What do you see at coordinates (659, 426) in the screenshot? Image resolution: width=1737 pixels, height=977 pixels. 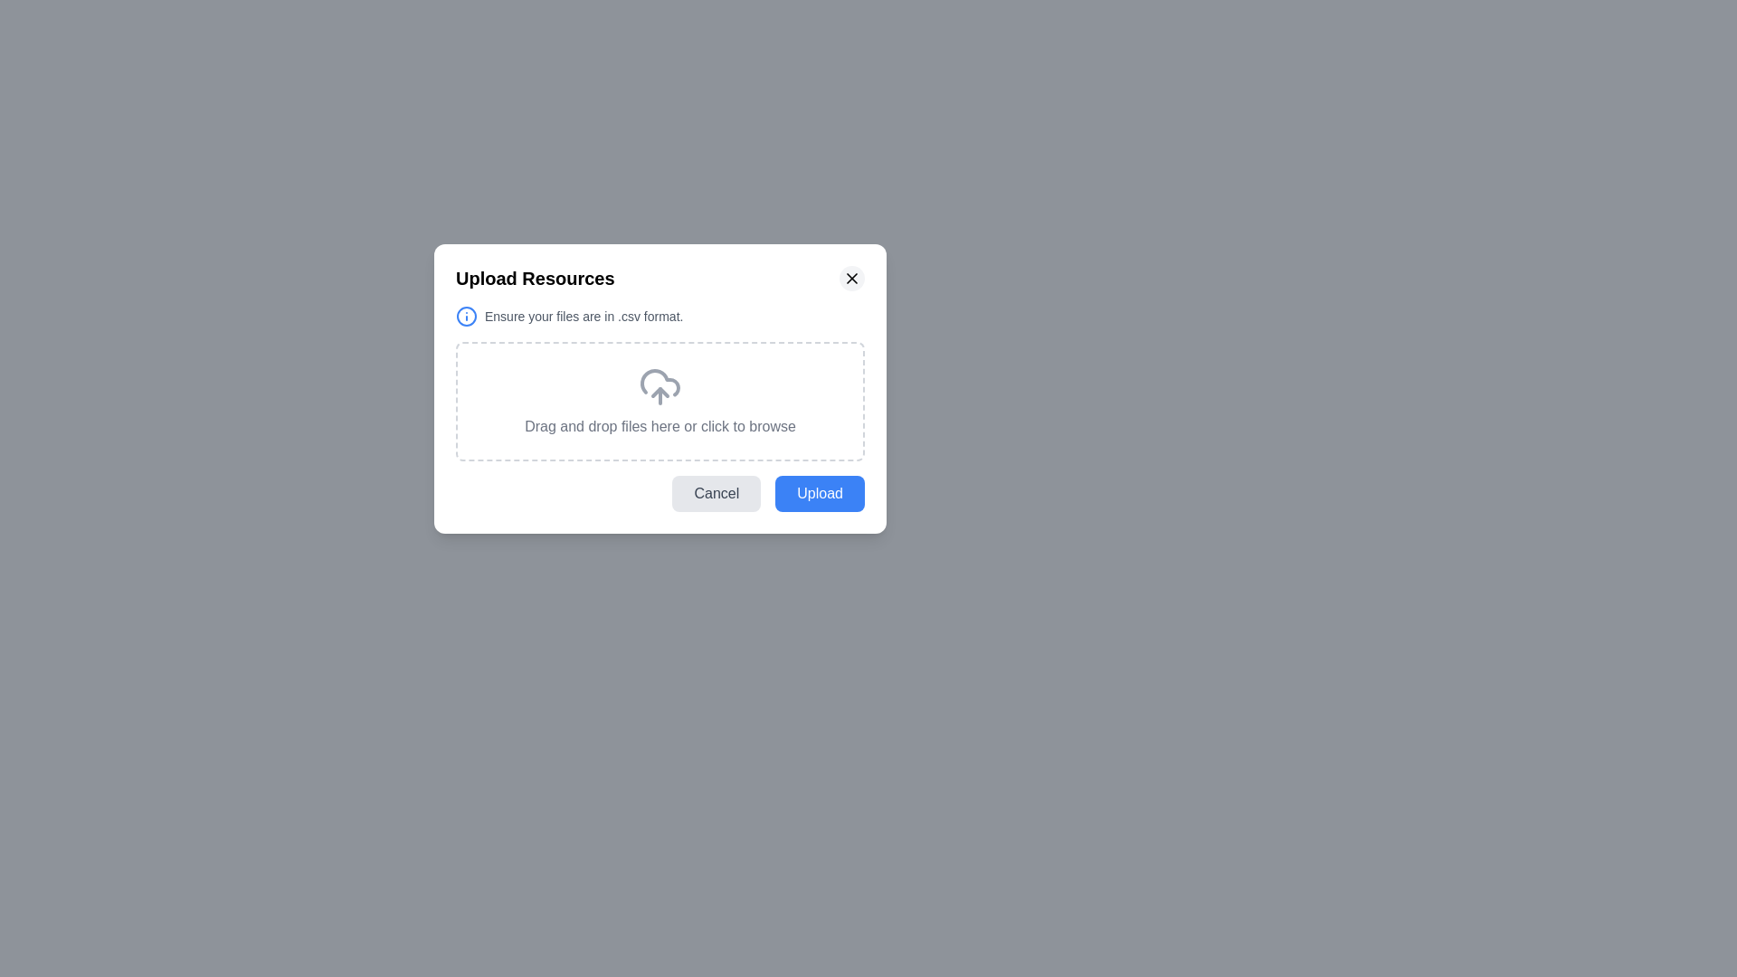 I see `the static text label that instructs users to drag-and-drop files or click to browse for file uploads, located below the file upload icon` at bounding box center [659, 426].